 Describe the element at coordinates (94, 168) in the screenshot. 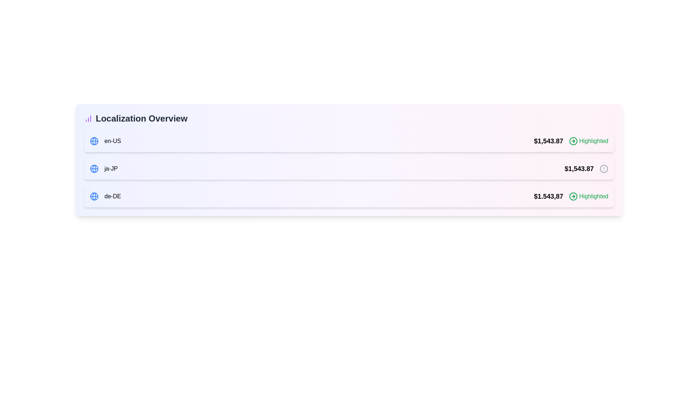

I see `the language icon representing 'ja-JP'` at that location.